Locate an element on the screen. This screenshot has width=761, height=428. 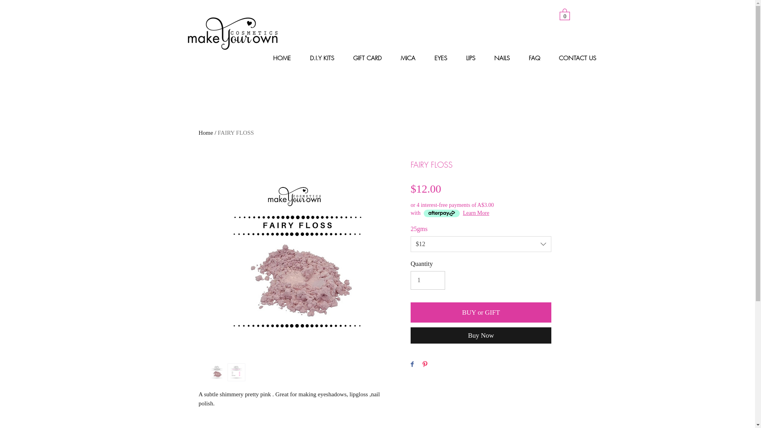
'$12' is located at coordinates (480, 244).